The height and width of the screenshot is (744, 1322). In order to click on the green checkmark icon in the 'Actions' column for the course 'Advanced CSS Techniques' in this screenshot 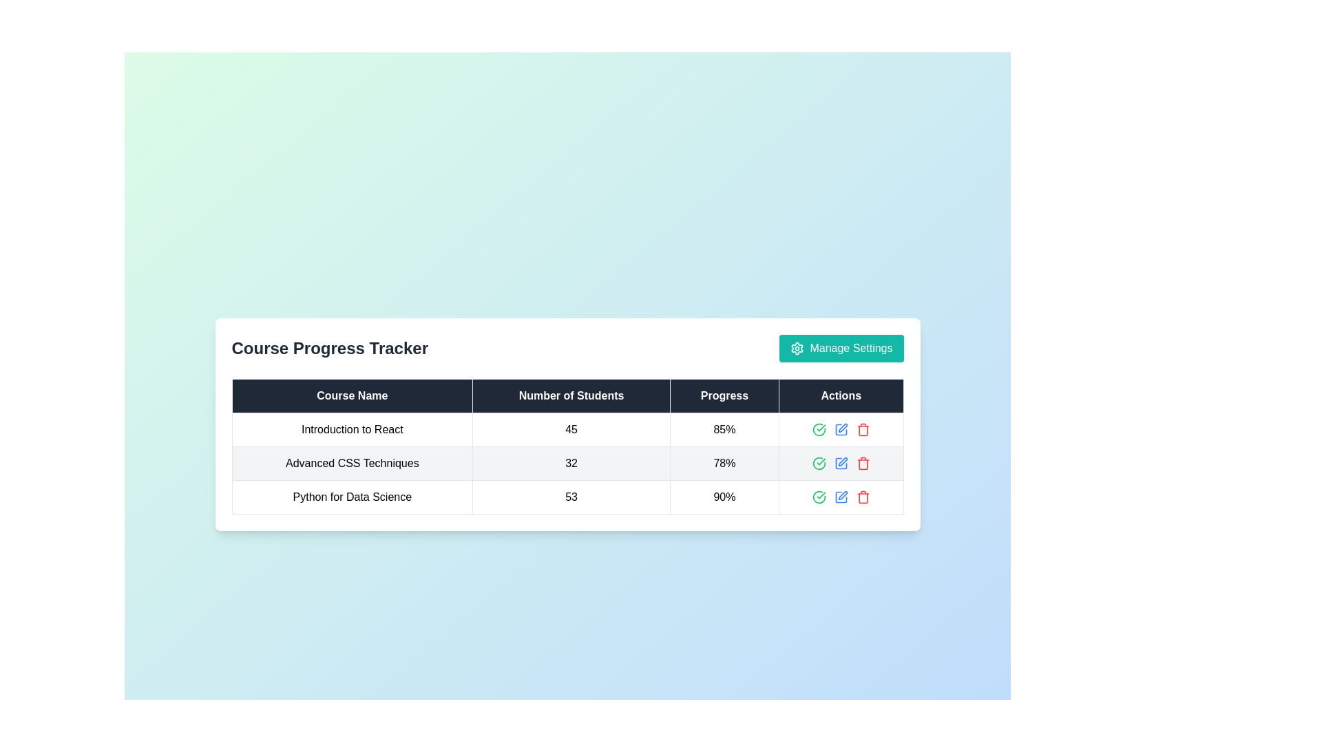, I will do `click(819, 463)`.